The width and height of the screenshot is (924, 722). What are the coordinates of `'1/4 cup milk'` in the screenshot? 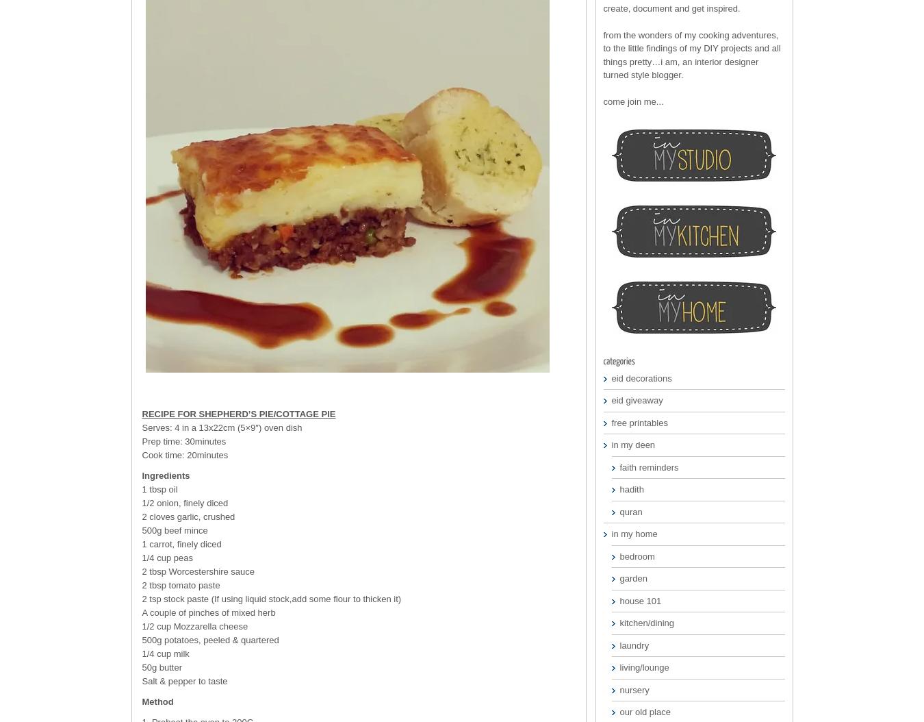 It's located at (164, 653).